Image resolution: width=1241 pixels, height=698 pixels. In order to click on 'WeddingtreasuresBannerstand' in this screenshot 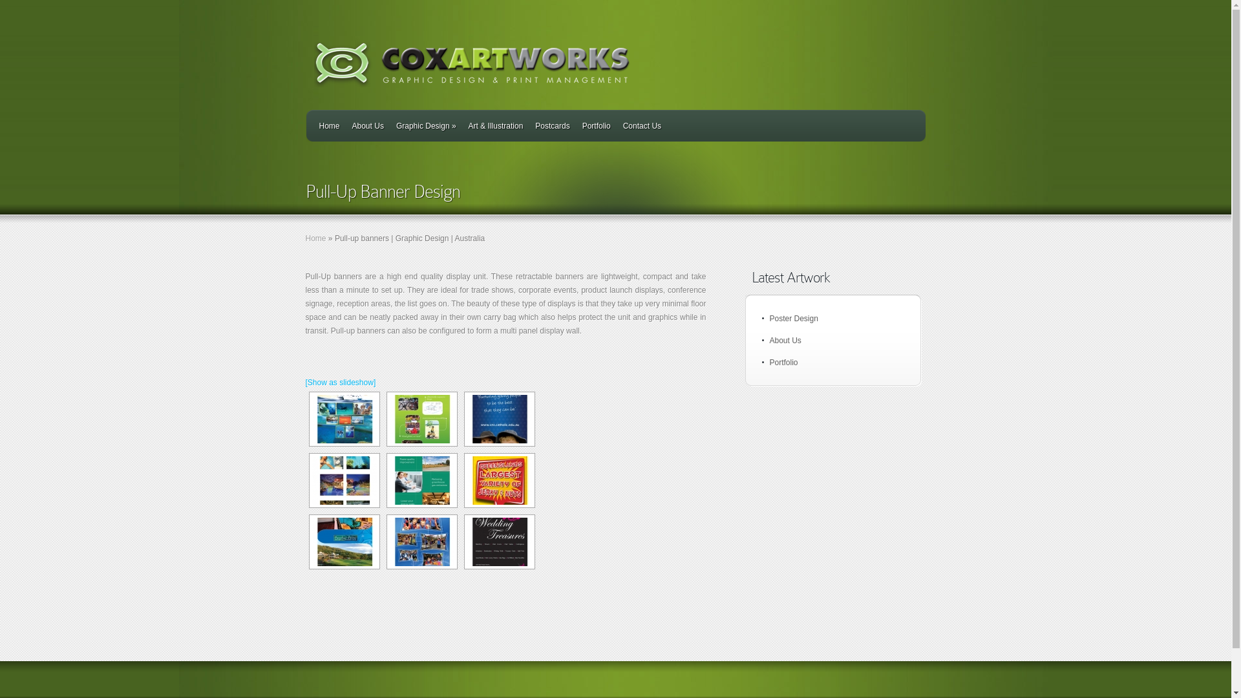, I will do `click(498, 542)`.